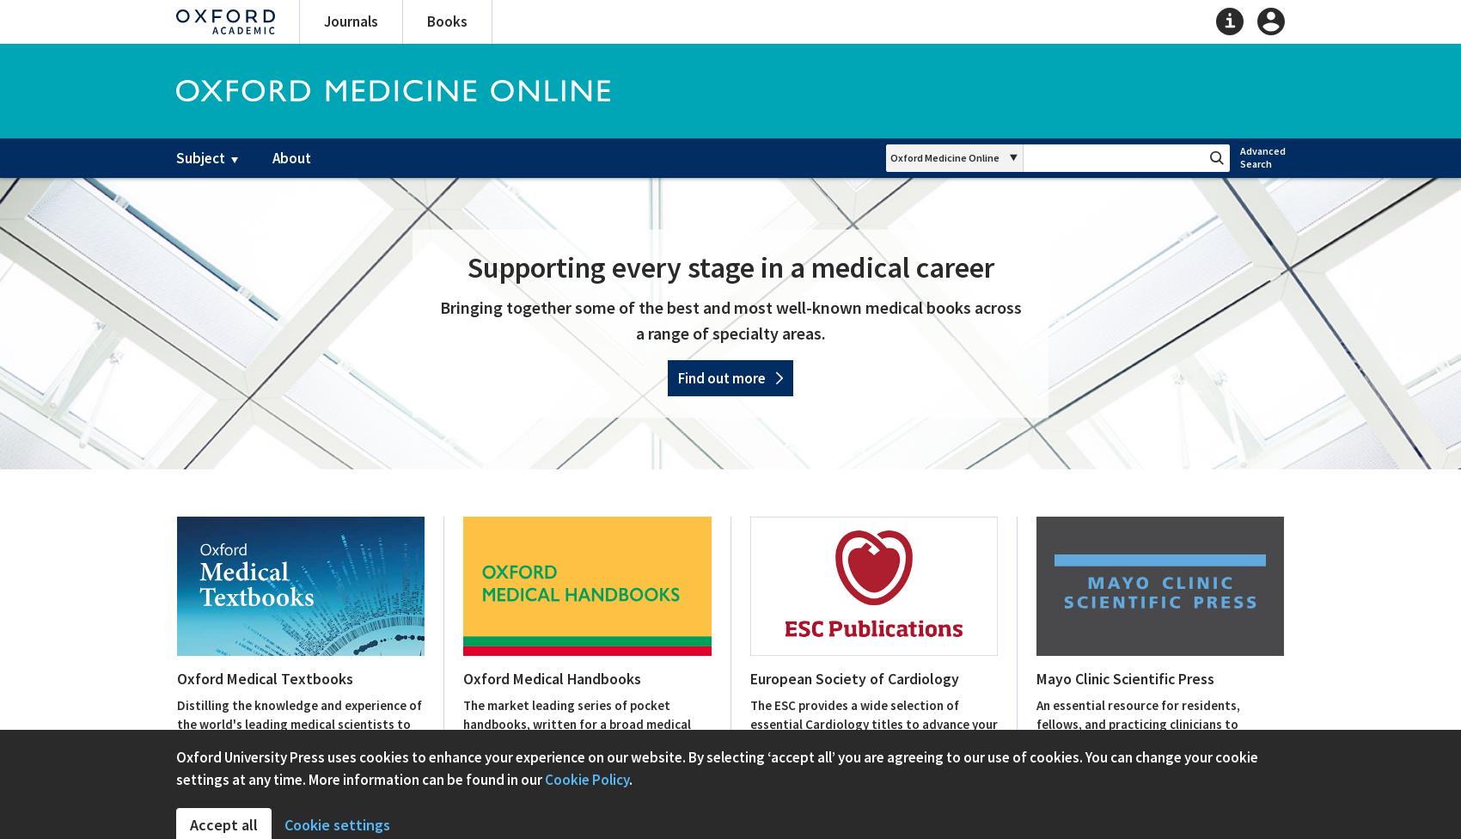 This screenshot has width=1461, height=839. Describe the element at coordinates (816, 787) in the screenshot. I see `'Discover the ESC books'` at that location.